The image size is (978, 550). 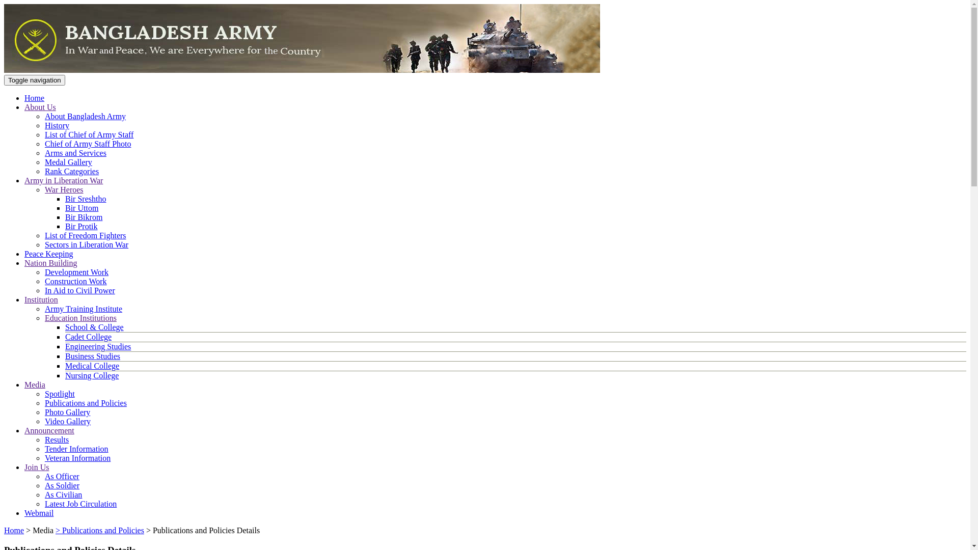 What do you see at coordinates (65, 375) in the screenshot?
I see `'Nursing College'` at bounding box center [65, 375].